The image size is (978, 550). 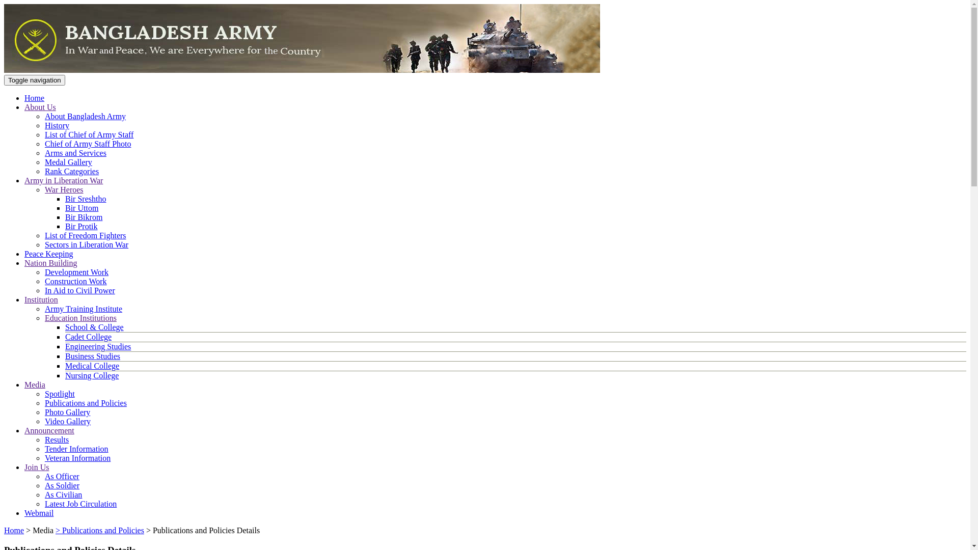 What do you see at coordinates (65, 375) in the screenshot?
I see `'Nursing College'` at bounding box center [65, 375].